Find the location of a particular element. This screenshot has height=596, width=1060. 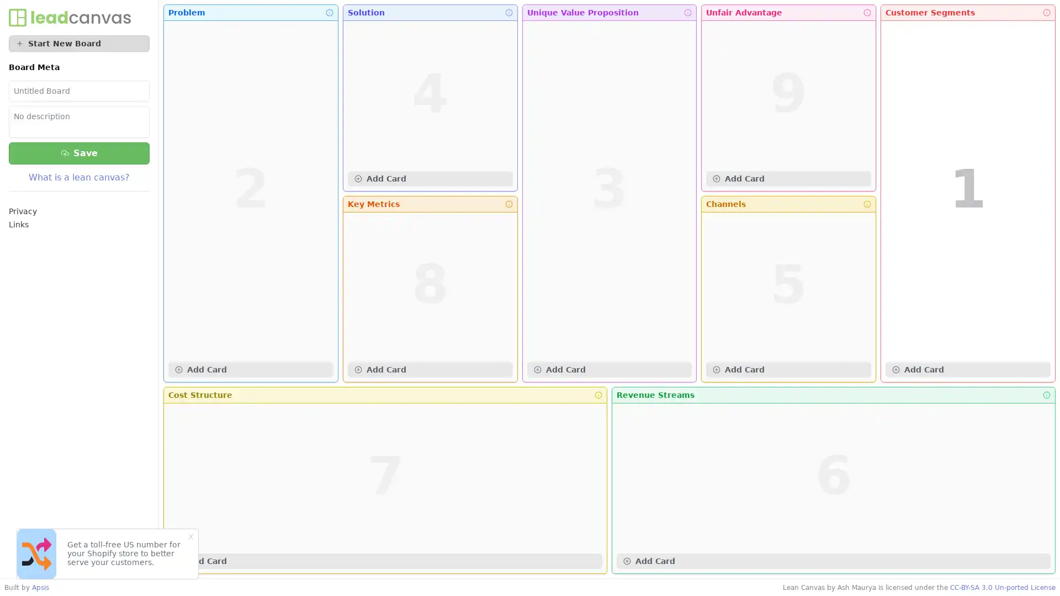

Add Card is located at coordinates (834, 561).